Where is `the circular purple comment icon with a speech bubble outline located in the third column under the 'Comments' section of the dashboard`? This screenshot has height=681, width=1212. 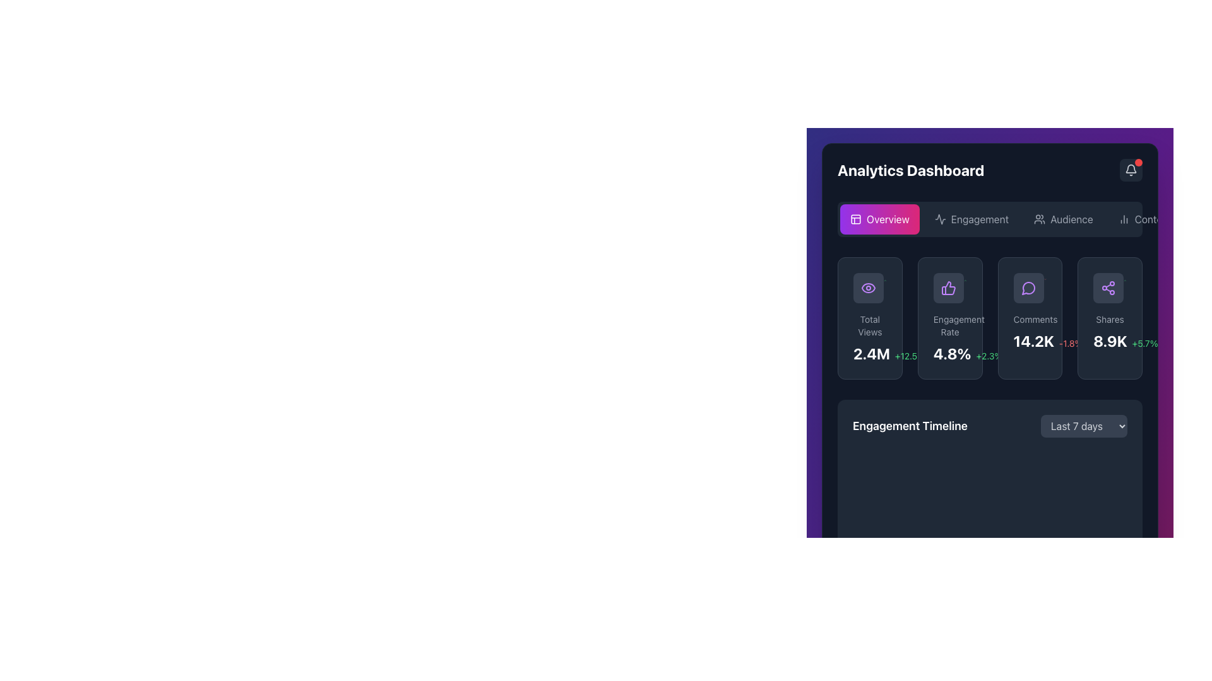 the circular purple comment icon with a speech bubble outline located in the third column under the 'Comments' section of the dashboard is located at coordinates (1028, 288).